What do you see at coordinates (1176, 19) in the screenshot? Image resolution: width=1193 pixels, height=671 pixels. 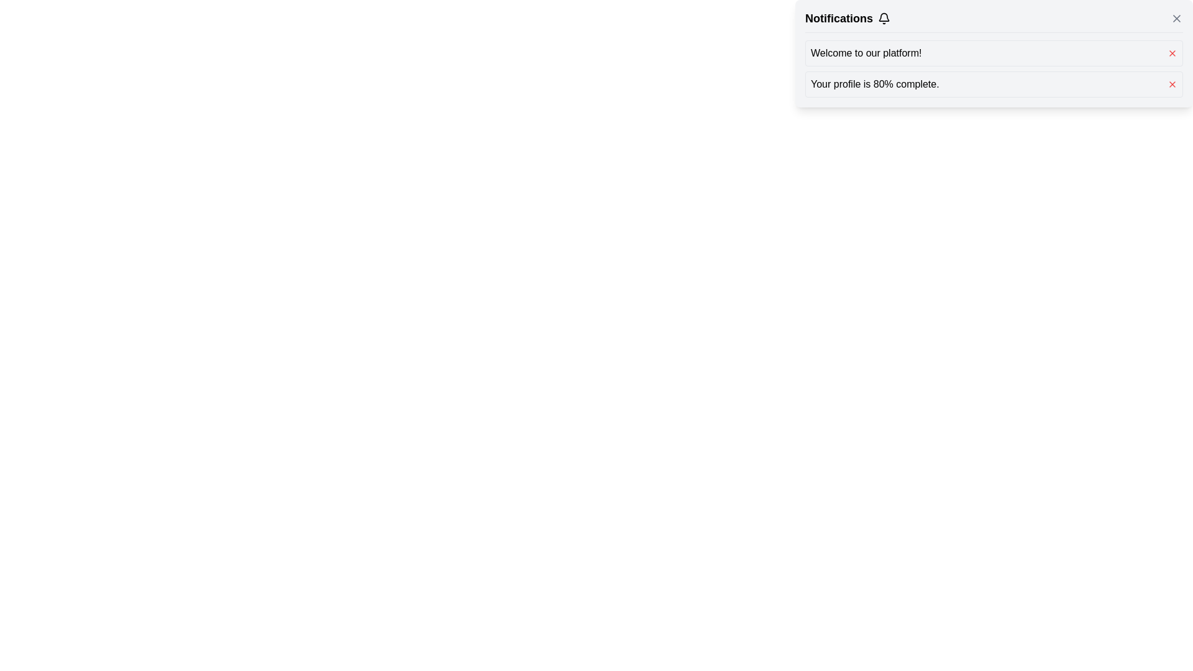 I see `the 'X' icon located at the top-right corner of the notification card` at bounding box center [1176, 19].